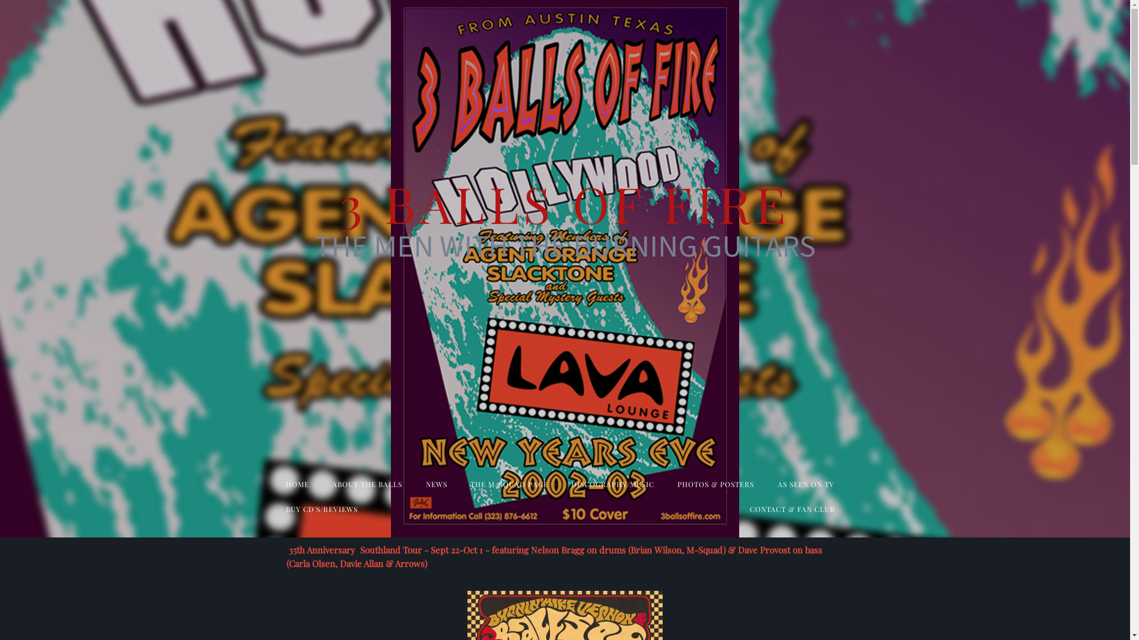 Image resolution: width=1139 pixels, height=640 pixels. What do you see at coordinates (792, 508) in the screenshot?
I see `'CONTACT & FAN CLUB'` at bounding box center [792, 508].